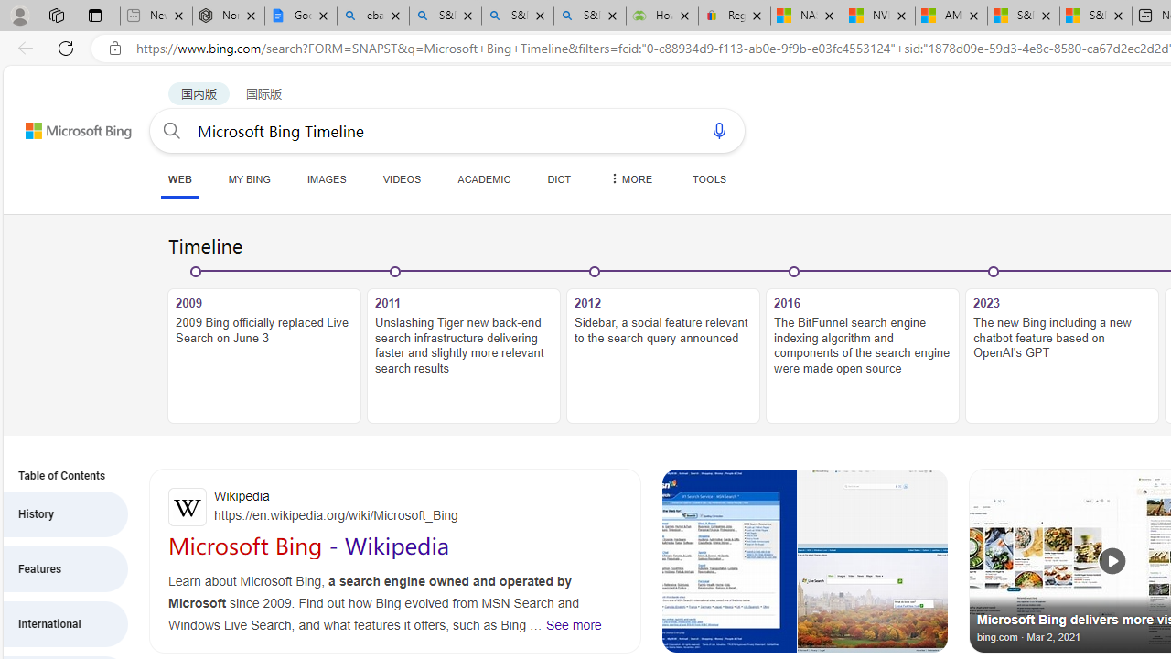 The image size is (1171, 659). What do you see at coordinates (735, 16) in the screenshot?
I see `'Register: Create a personal eBay account'` at bounding box center [735, 16].